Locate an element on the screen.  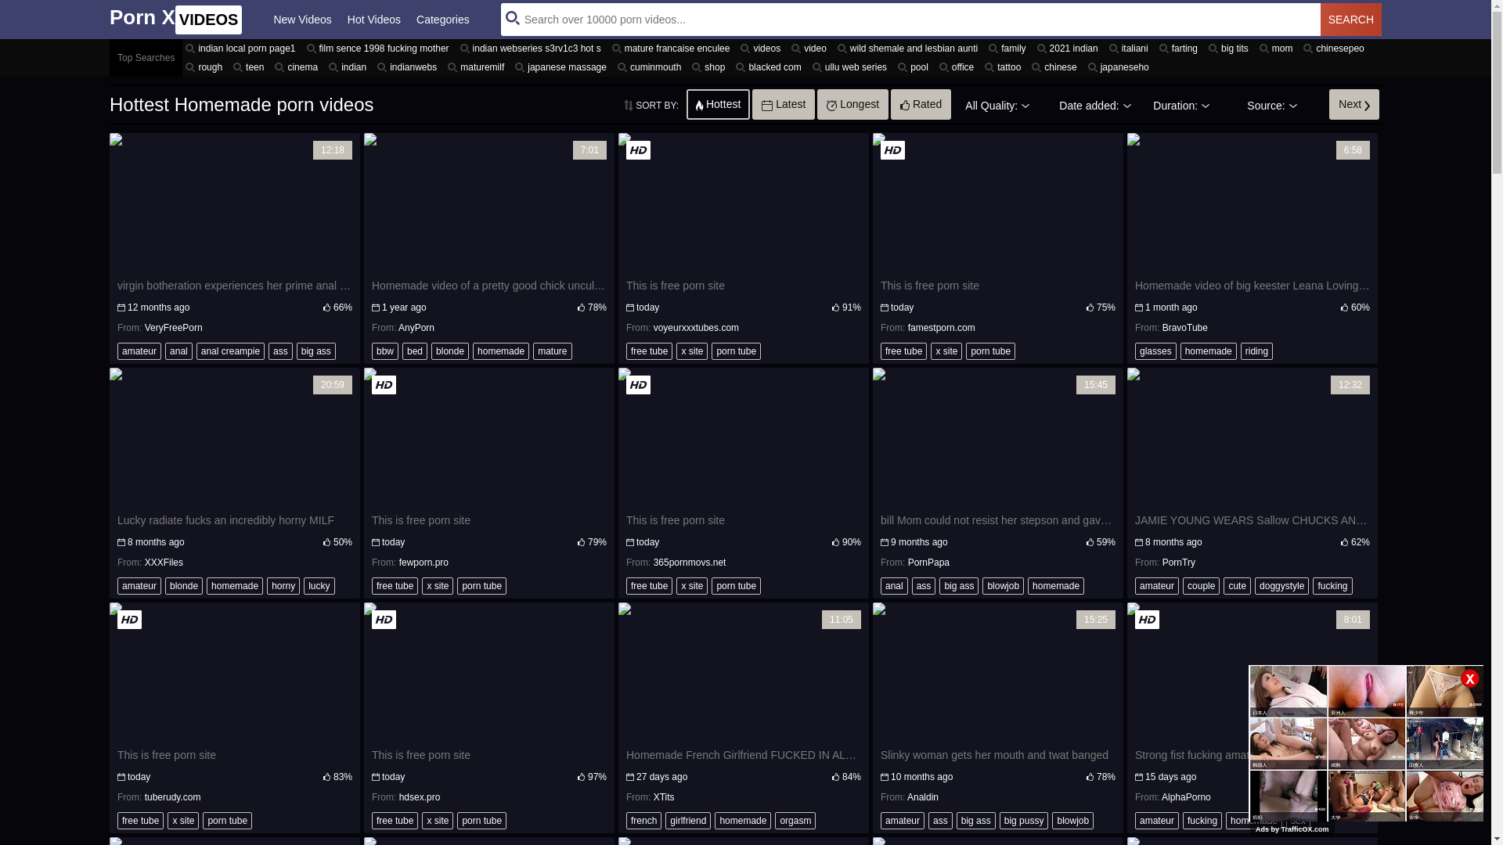
'horny' is located at coordinates (266, 585).